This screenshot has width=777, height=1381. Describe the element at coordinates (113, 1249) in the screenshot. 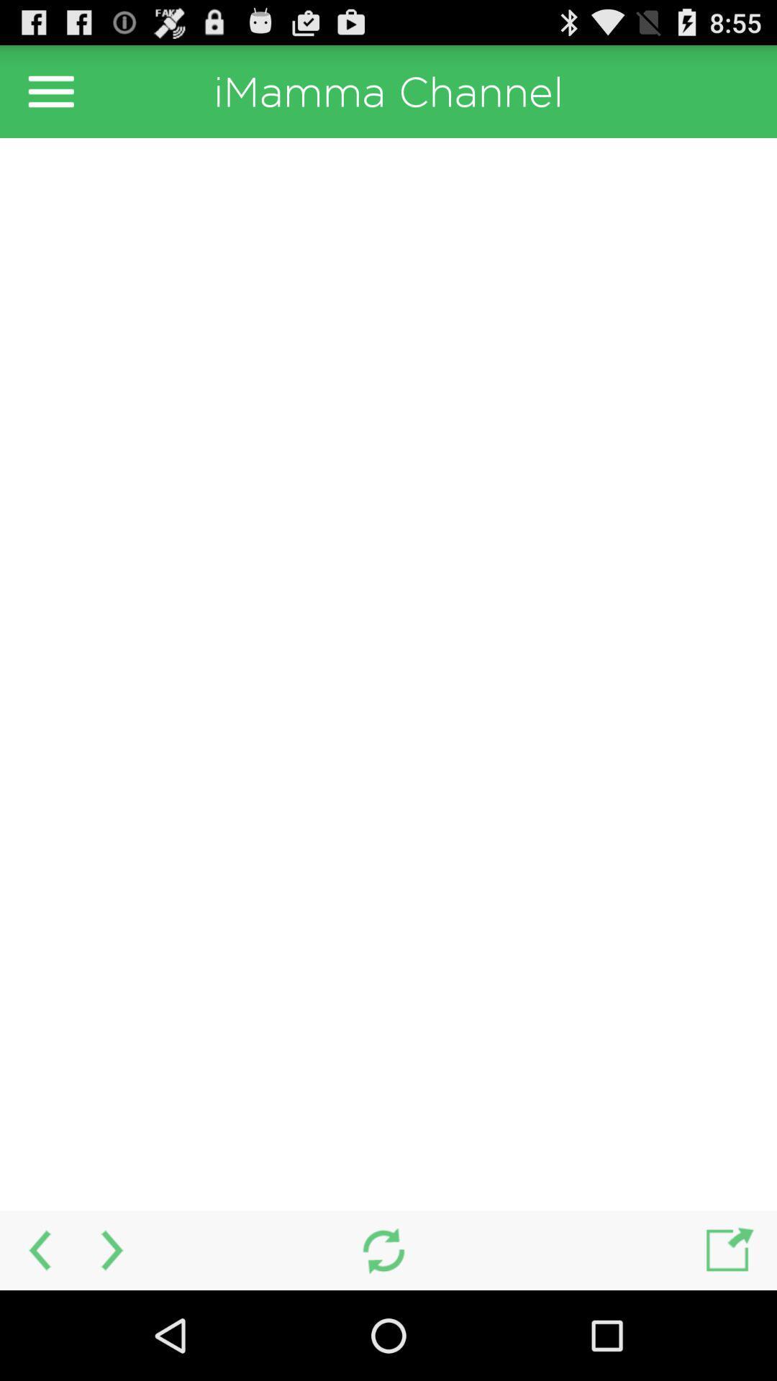

I see `next option` at that location.